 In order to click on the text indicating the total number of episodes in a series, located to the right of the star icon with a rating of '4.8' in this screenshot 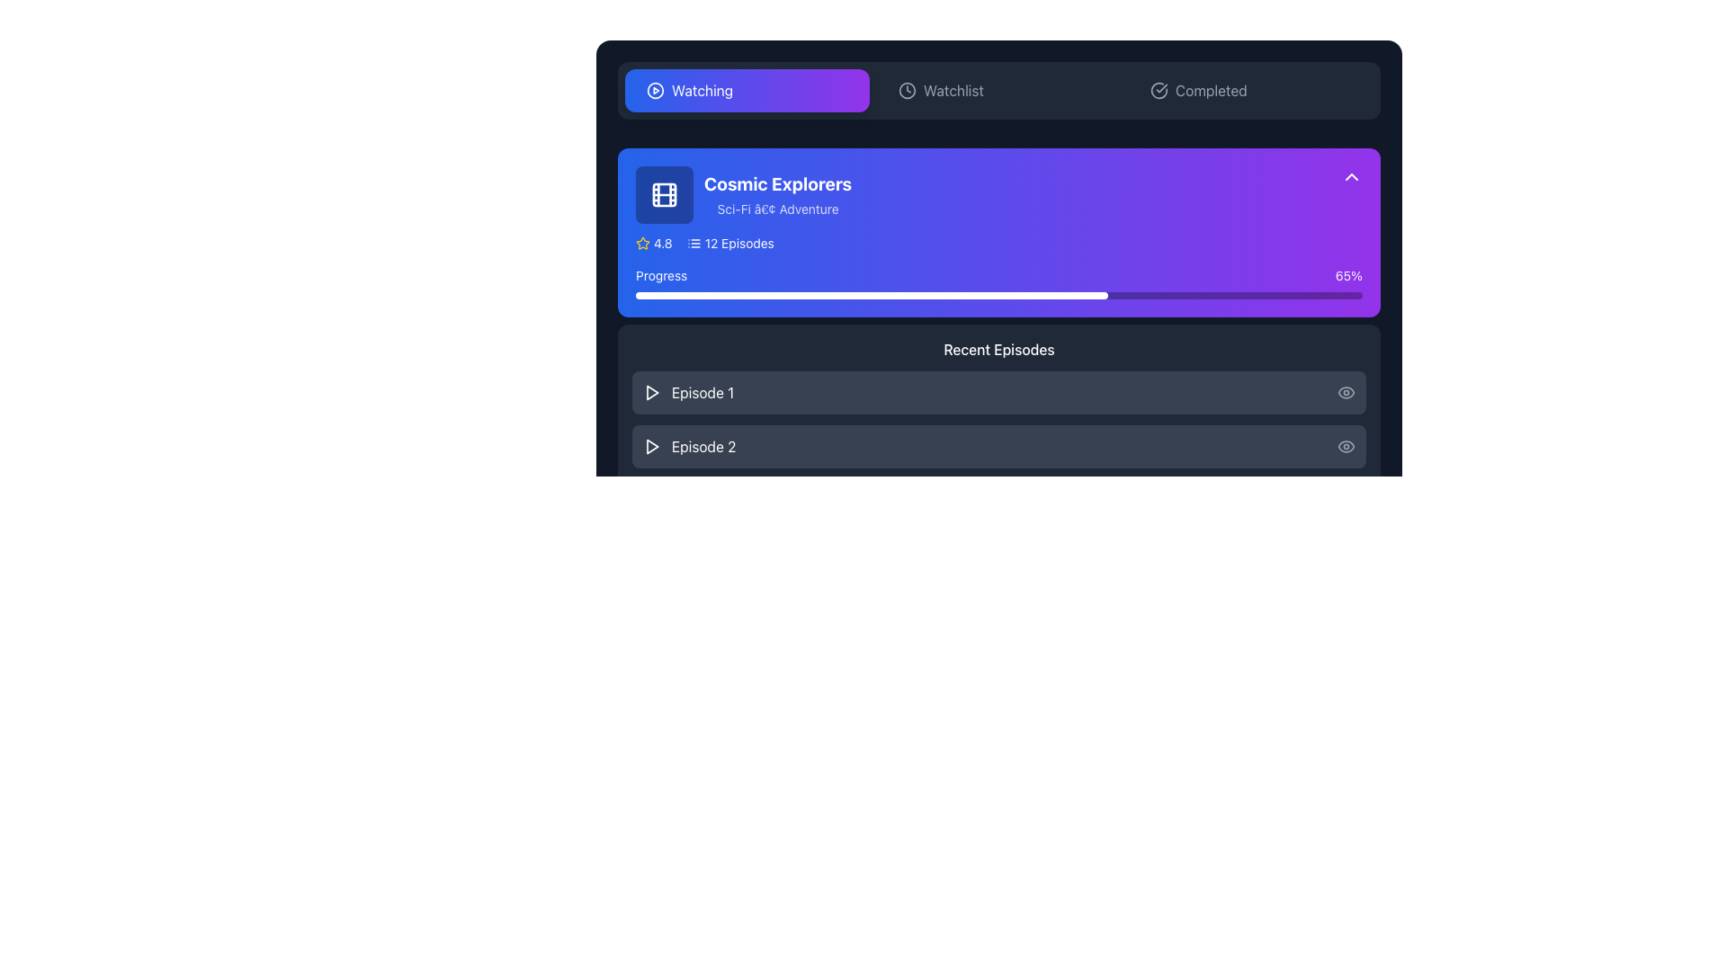, I will do `click(730, 243)`.